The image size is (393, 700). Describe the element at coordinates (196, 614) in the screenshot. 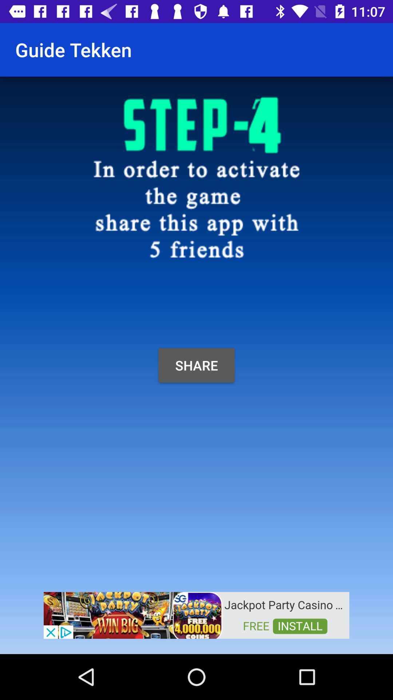

I see `app advertisement` at that location.